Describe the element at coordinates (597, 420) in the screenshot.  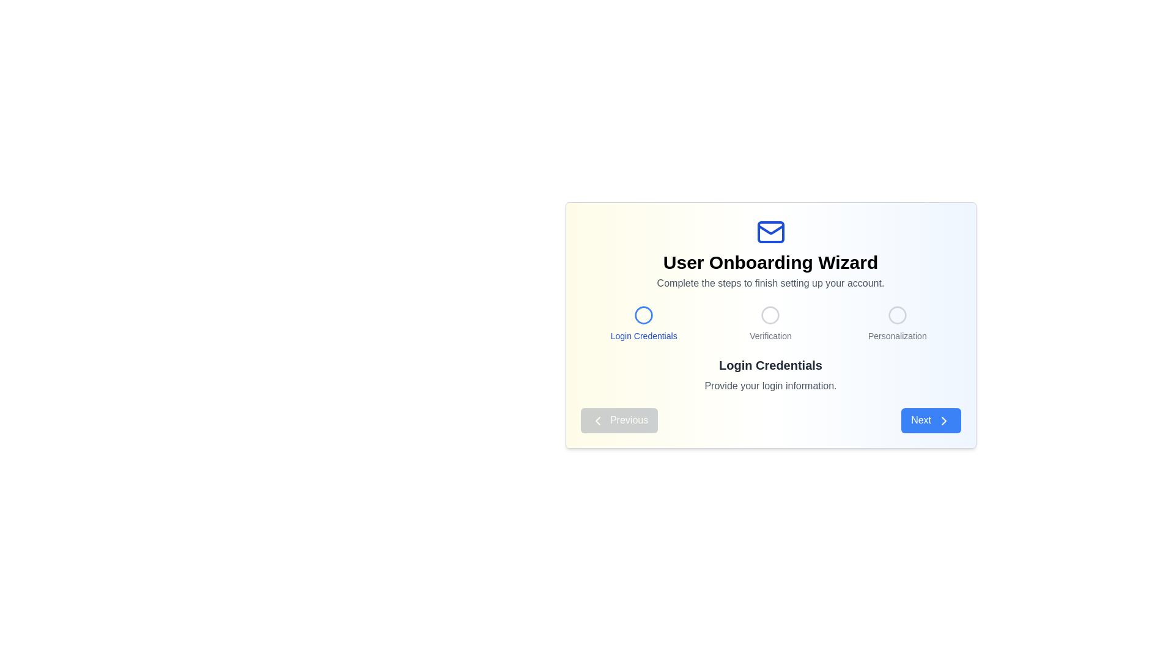
I see `the left-pointing chevron icon located on the far left side of the 'Previous' button` at that location.